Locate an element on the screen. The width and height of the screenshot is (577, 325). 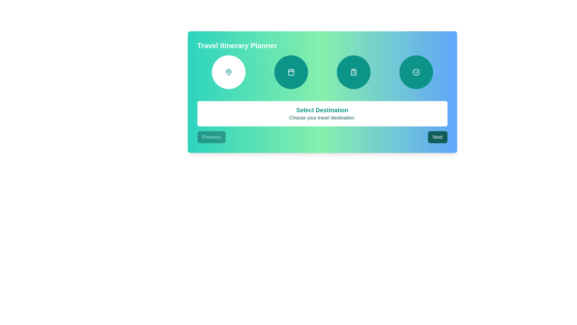
the third circle of the step indicator, which represents the current step in the workflow is located at coordinates (353, 72).